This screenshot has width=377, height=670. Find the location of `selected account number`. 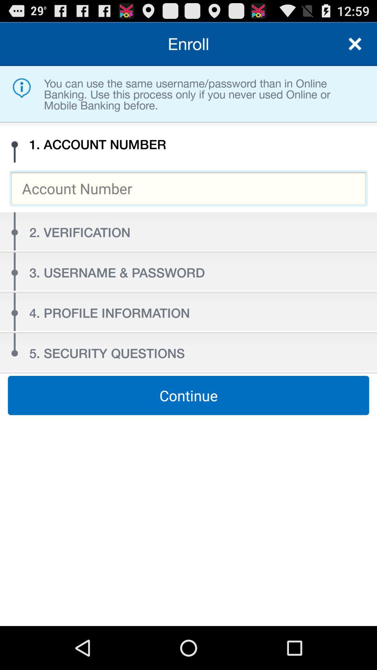

selected account number is located at coordinates (188, 188).